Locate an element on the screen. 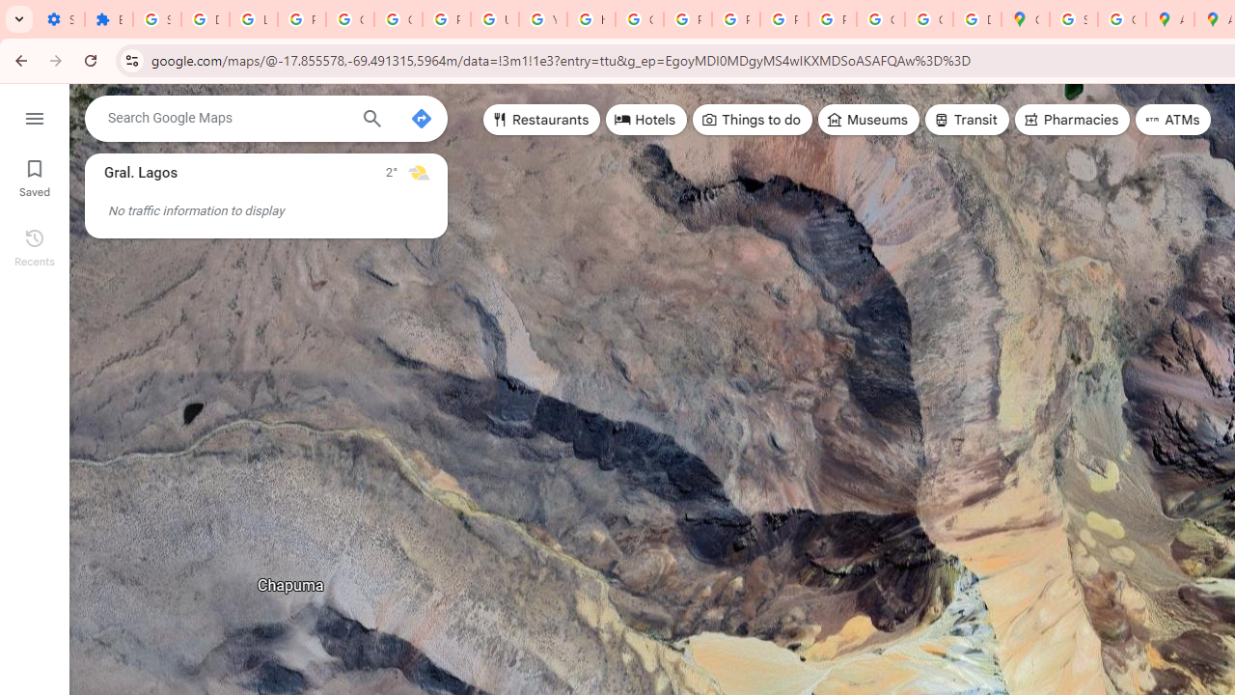 This screenshot has width=1235, height=695. 'Google Maps' is located at coordinates (1025, 19).